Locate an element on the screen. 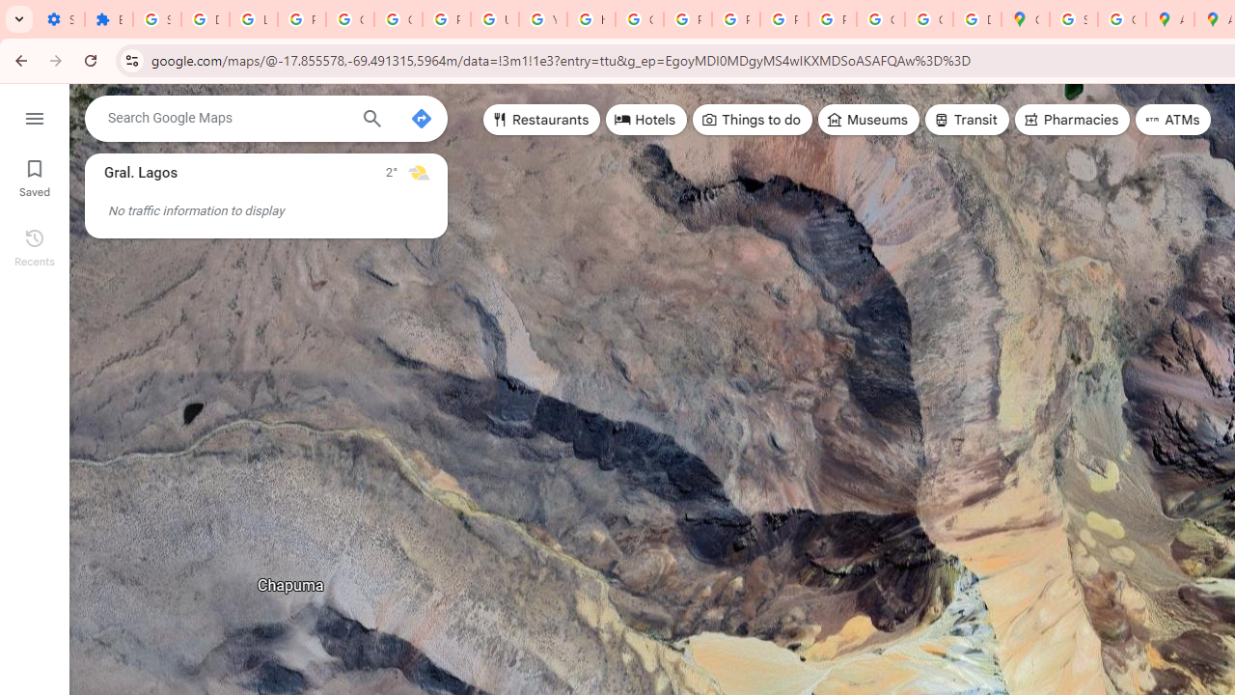 This screenshot has width=1235, height=695. 'Google Maps' is located at coordinates (1025, 19).